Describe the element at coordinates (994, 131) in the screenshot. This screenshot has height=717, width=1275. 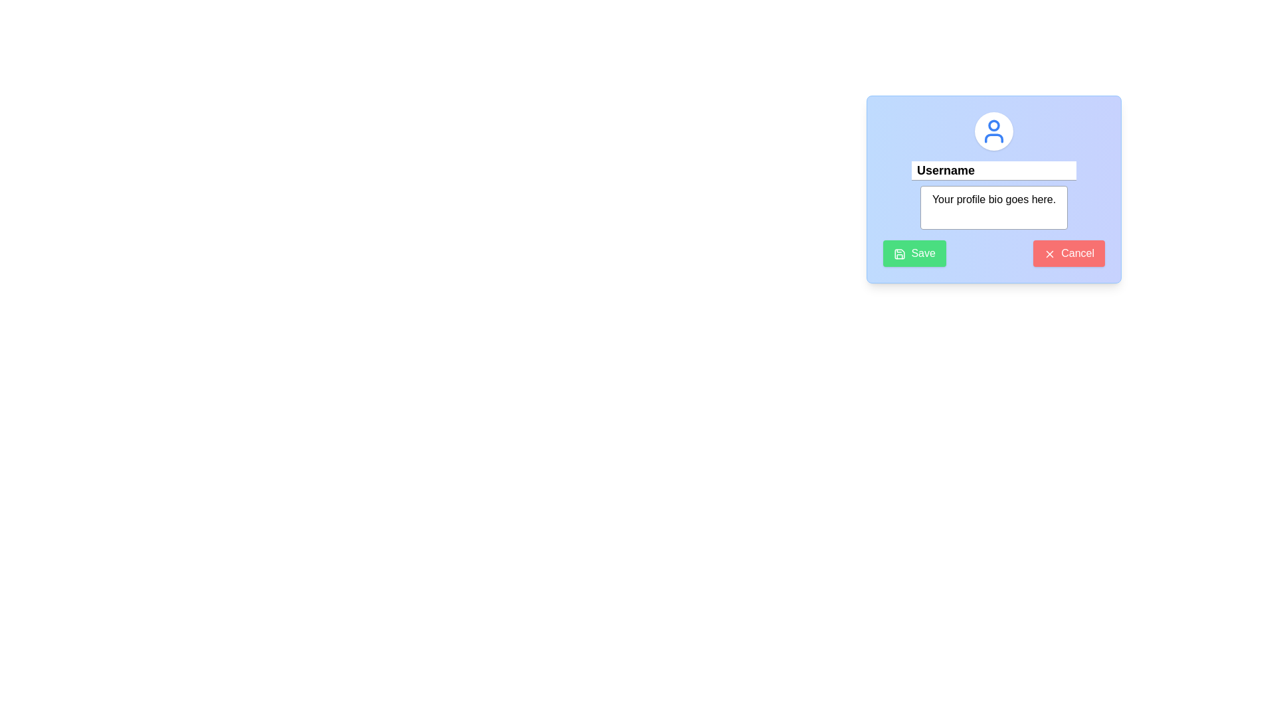
I see `the circular icon with a user outline design in blue color, which is located at the center-top of the profile card` at that location.